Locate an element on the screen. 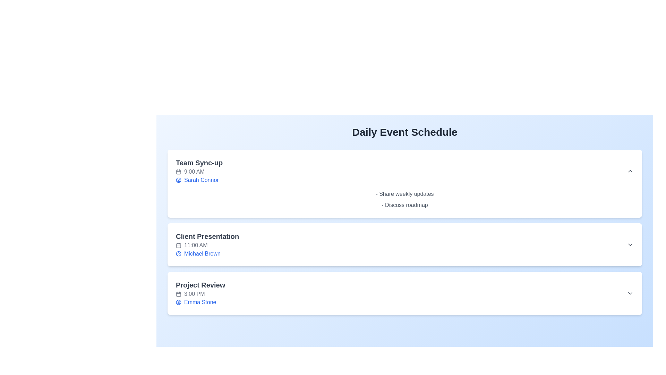  the text label displaying 'Michael Brown' styled in blue font, which is accompanied by a user profile icon, located in the 'Client Presentation' section is located at coordinates (207, 254).